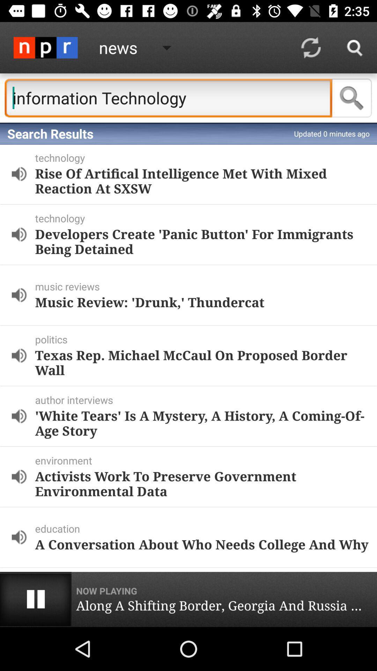 This screenshot has height=671, width=377. I want to click on the search icon, so click(352, 98).